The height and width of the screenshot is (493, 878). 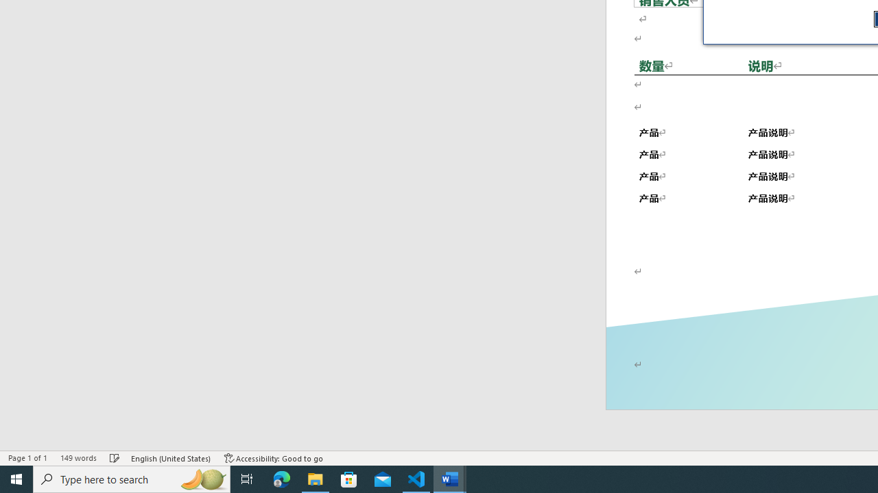 What do you see at coordinates (274, 458) in the screenshot?
I see `'Accessibility Checker Accessibility: Good to go'` at bounding box center [274, 458].